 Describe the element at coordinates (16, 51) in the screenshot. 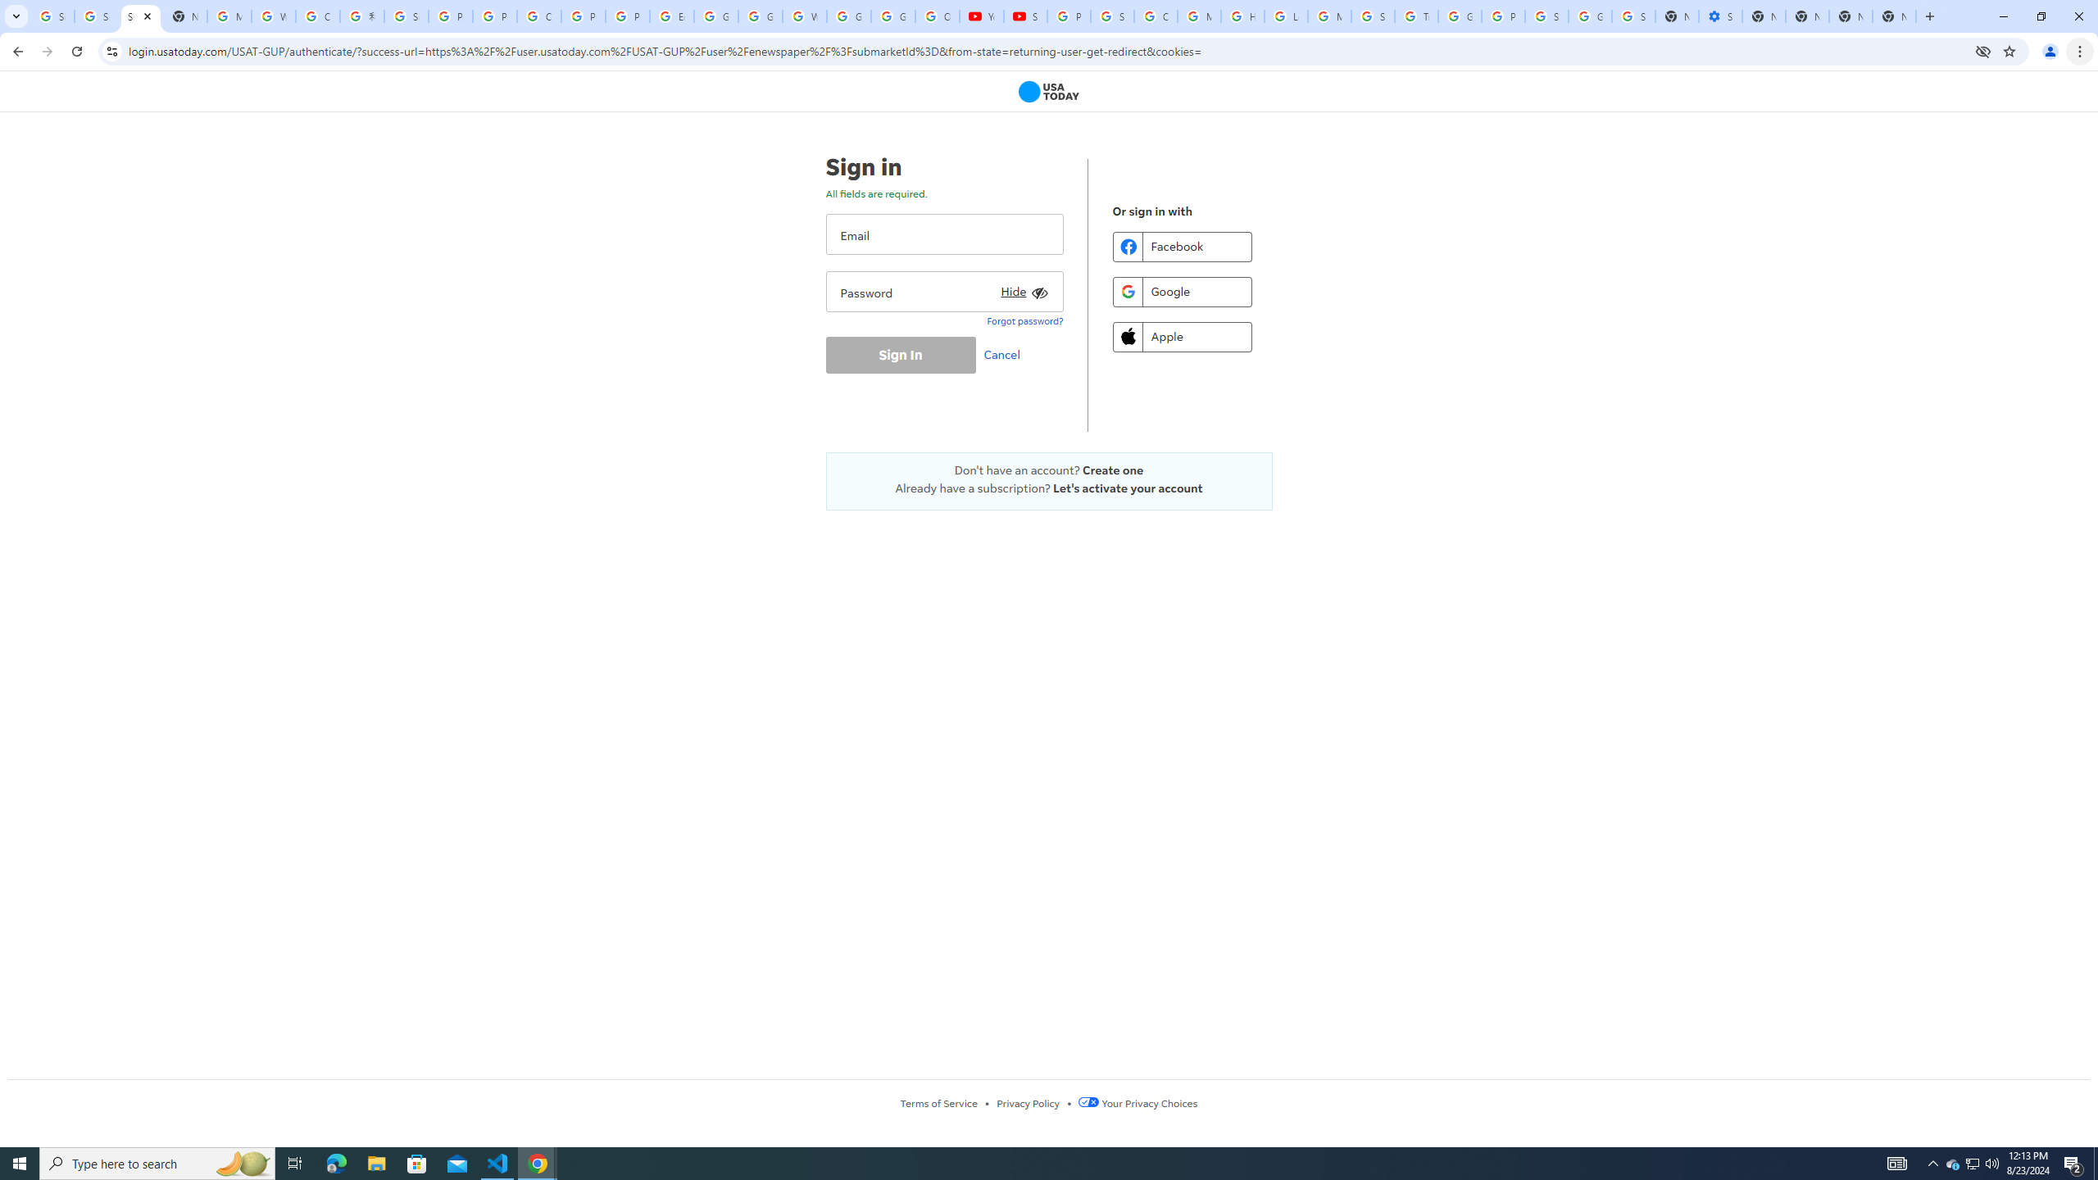

I see `'Back'` at that location.